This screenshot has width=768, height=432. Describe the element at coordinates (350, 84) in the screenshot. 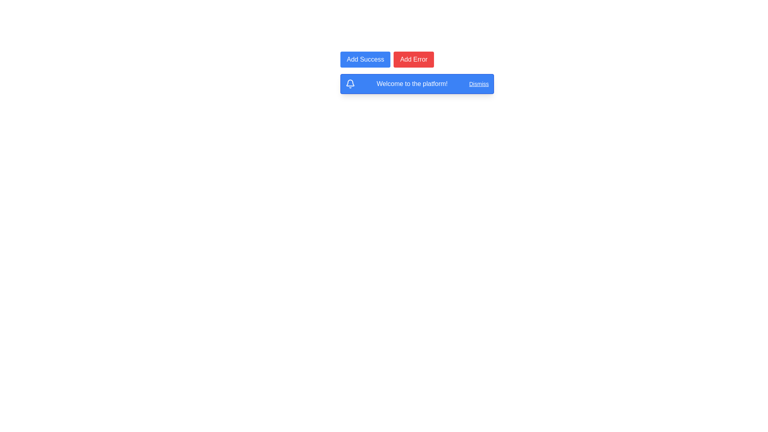

I see `the bell-shaped vector icon located within the blue notification box, which is positioned to the left of the text 'Welcome to the platform!'` at that location.